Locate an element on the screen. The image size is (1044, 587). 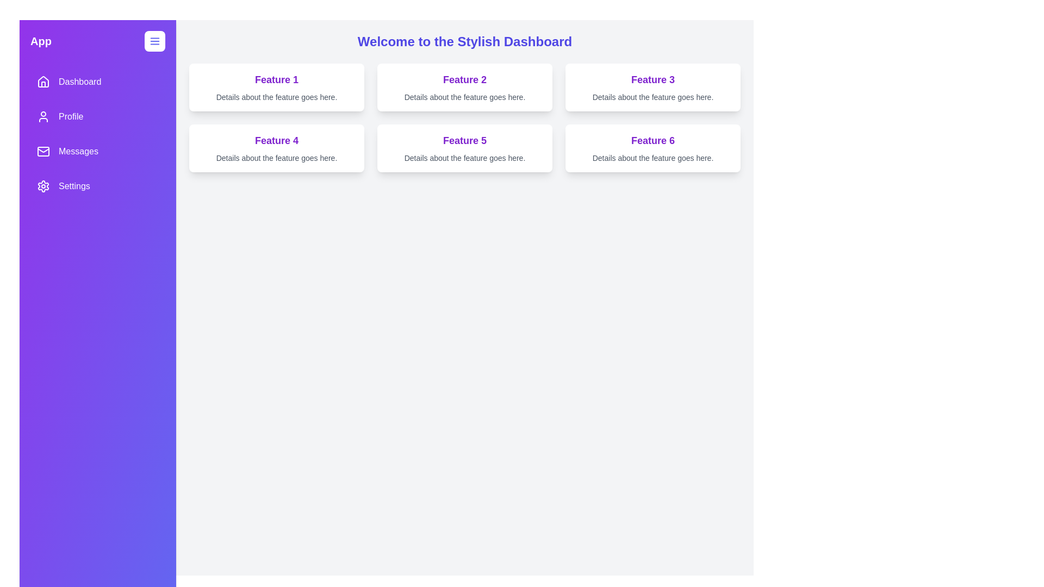
static label that serves as a menu item for navigating to the settings page, located fourth in the menu section on the left is located at coordinates (73, 186).